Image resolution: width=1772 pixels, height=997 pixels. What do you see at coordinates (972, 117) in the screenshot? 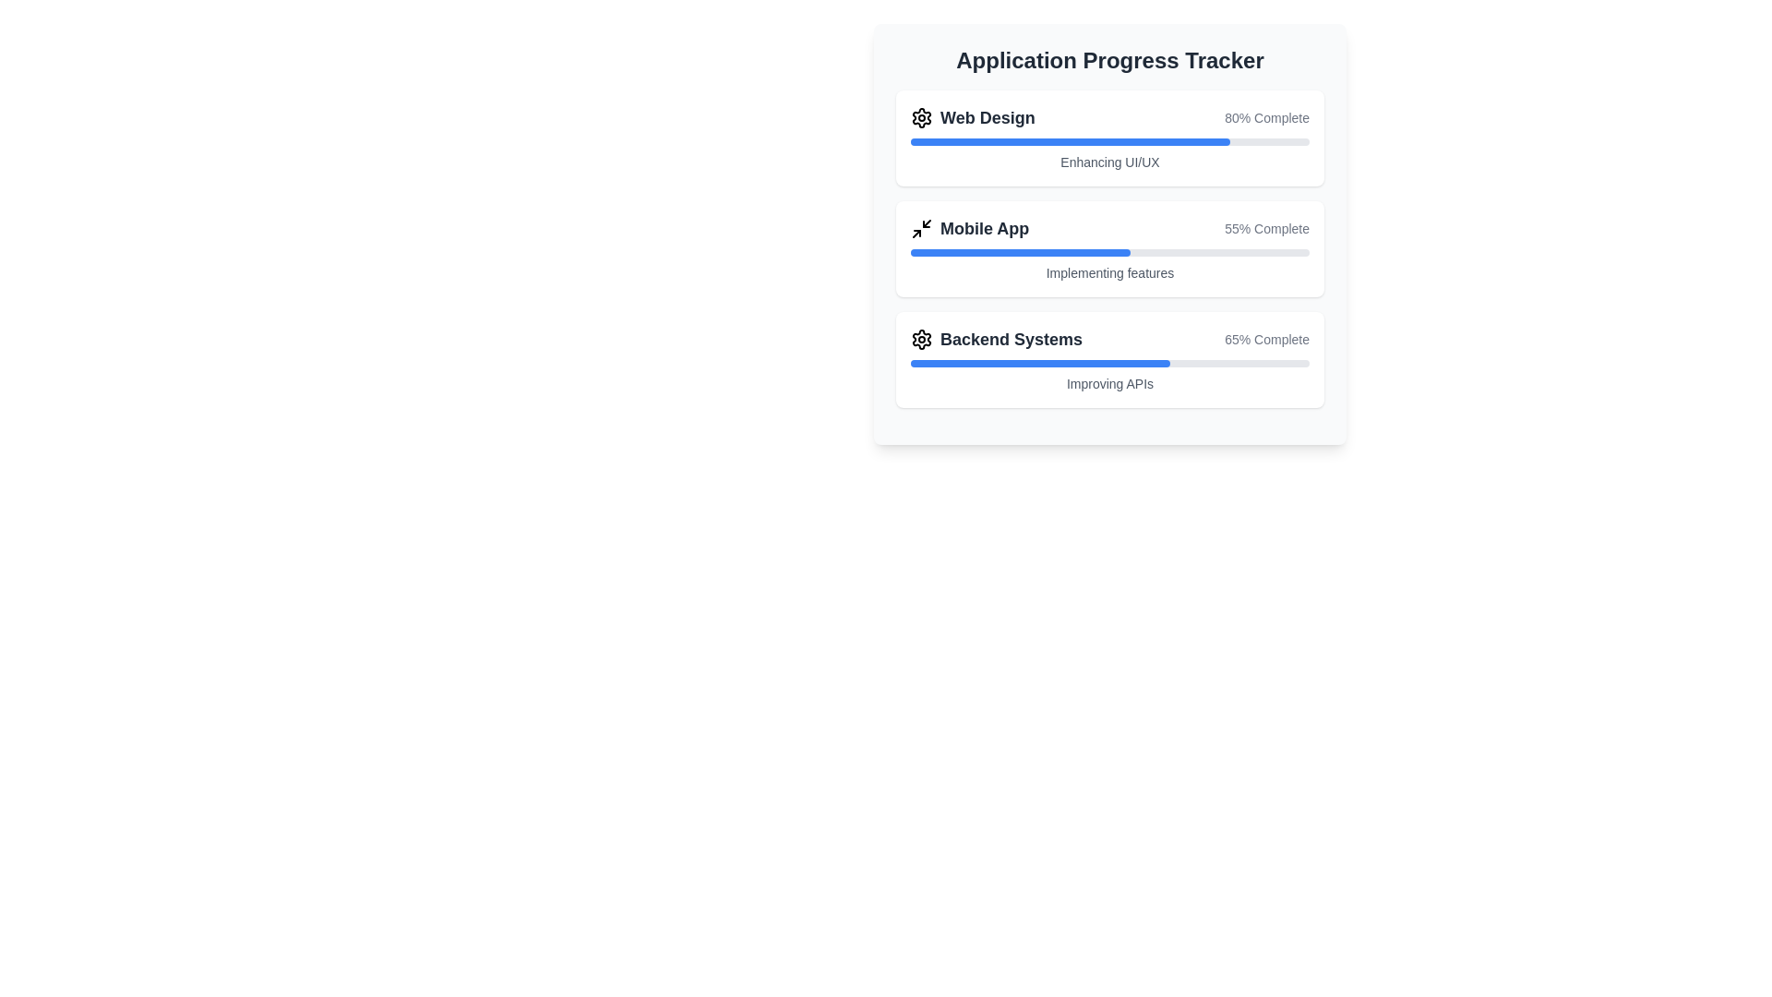
I see `text of the bold label displaying 'Web Design' located at the top of the progress tracker interface` at bounding box center [972, 117].